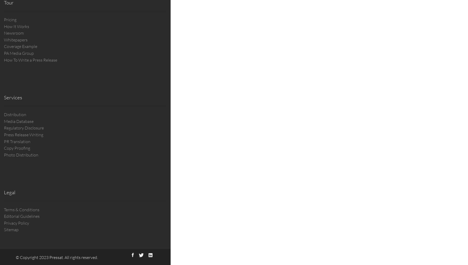 The height and width of the screenshot is (265, 468). I want to click on 'Whitepapers', so click(4, 39).